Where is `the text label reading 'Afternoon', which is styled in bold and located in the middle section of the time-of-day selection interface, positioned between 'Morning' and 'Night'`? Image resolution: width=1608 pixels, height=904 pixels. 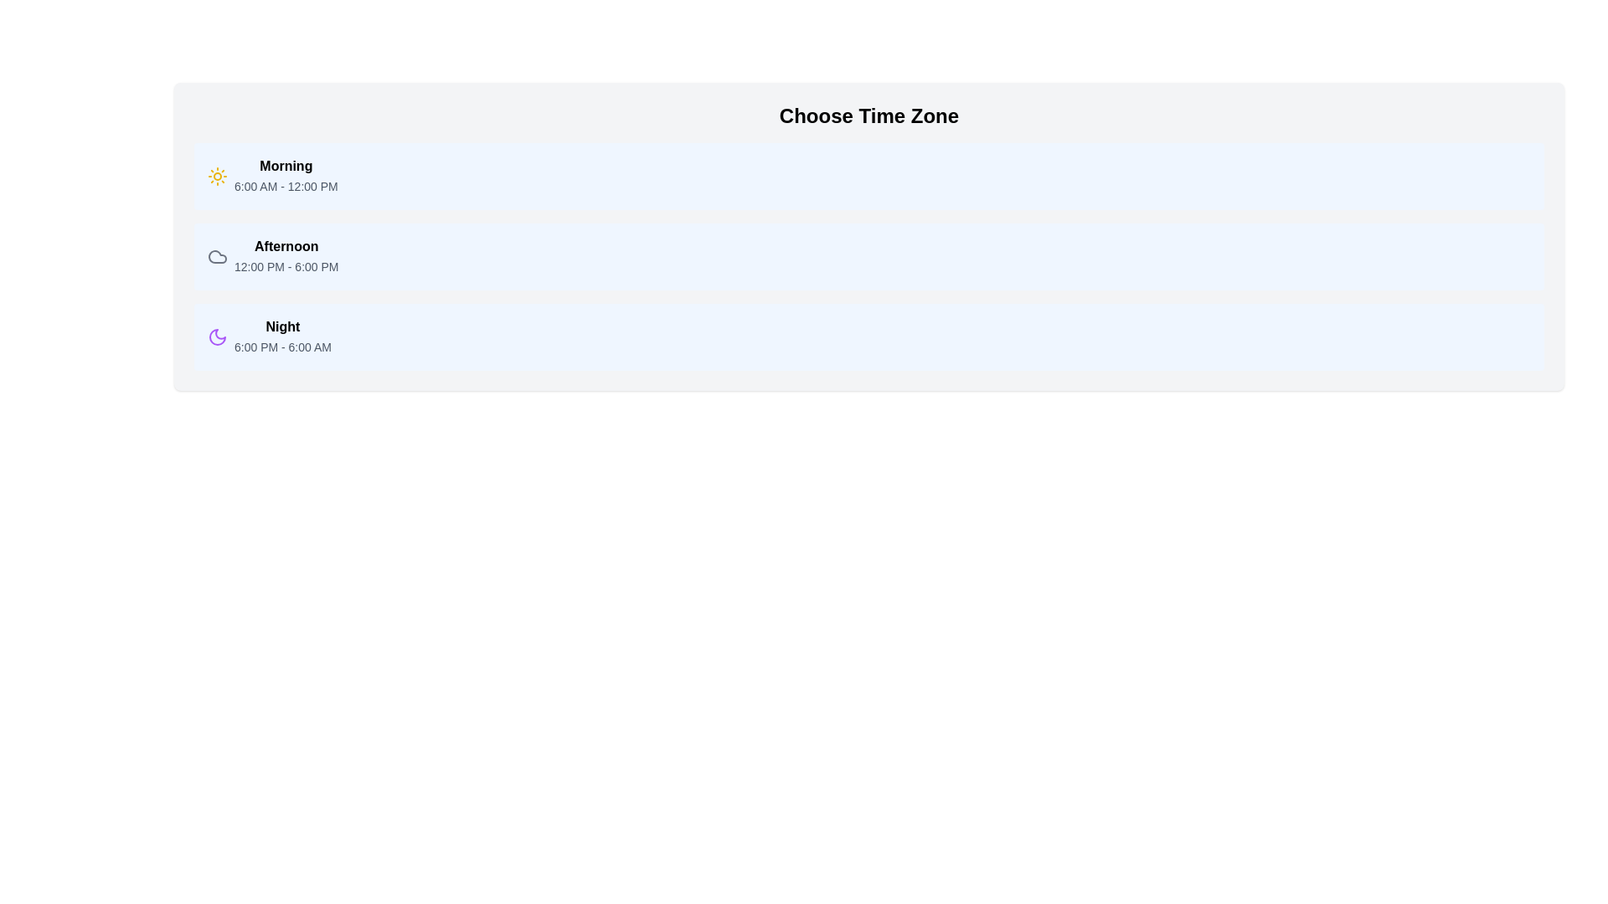 the text label reading 'Afternoon', which is styled in bold and located in the middle section of the time-of-day selection interface, positioned between 'Morning' and 'Night' is located at coordinates (286, 246).